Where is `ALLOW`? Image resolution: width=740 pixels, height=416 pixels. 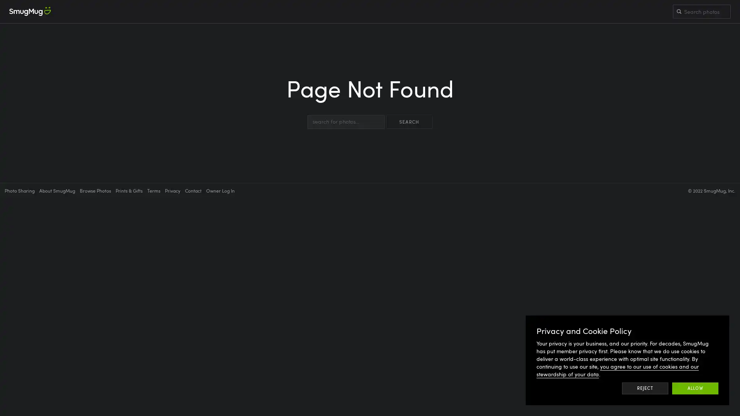 ALLOW is located at coordinates (695, 388).